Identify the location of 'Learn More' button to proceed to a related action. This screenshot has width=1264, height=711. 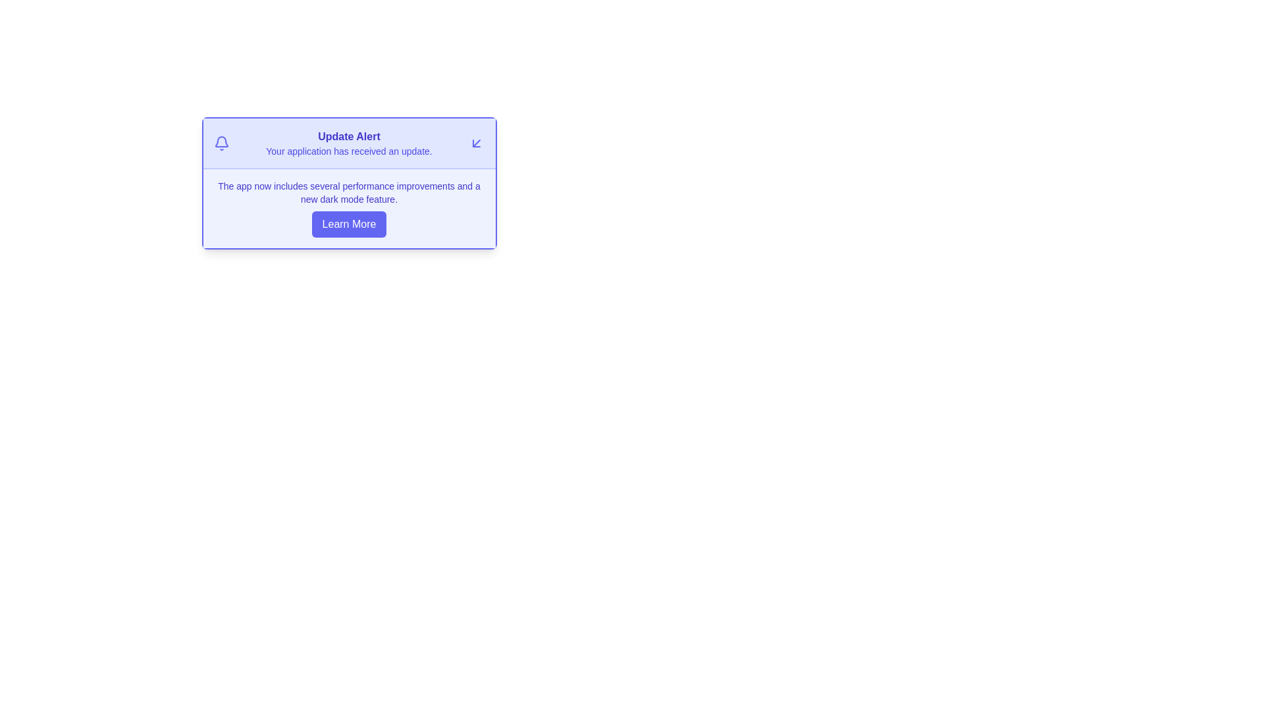
(349, 223).